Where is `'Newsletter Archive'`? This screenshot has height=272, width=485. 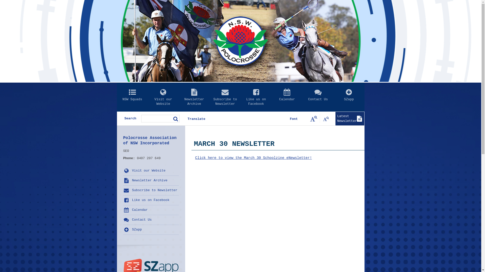 'Newsletter Archive' is located at coordinates (151, 180).